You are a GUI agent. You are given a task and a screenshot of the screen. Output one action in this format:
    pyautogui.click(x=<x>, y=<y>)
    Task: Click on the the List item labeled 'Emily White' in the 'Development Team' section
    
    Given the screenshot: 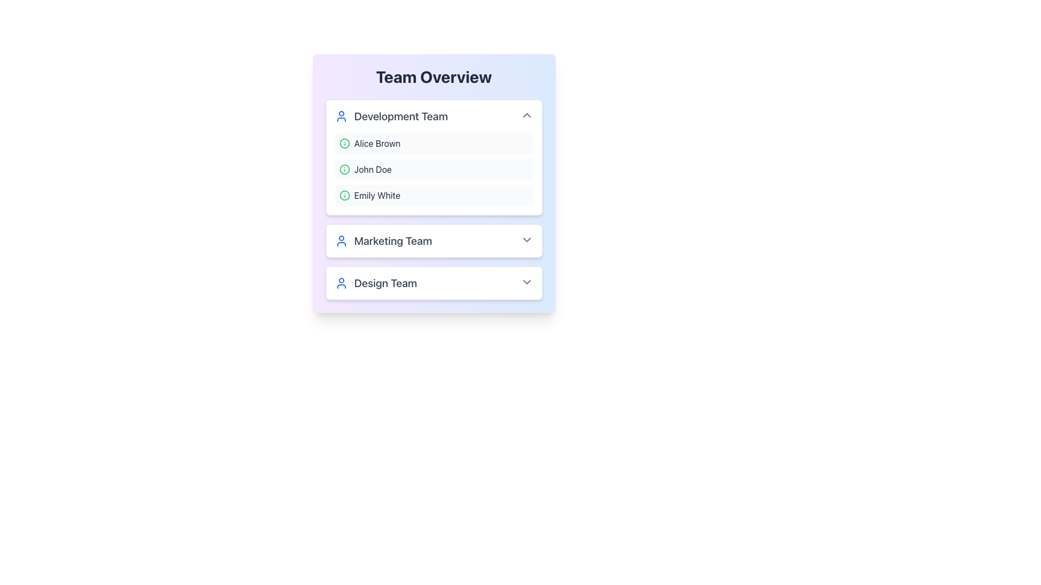 What is the action you would take?
    pyautogui.click(x=434, y=196)
    